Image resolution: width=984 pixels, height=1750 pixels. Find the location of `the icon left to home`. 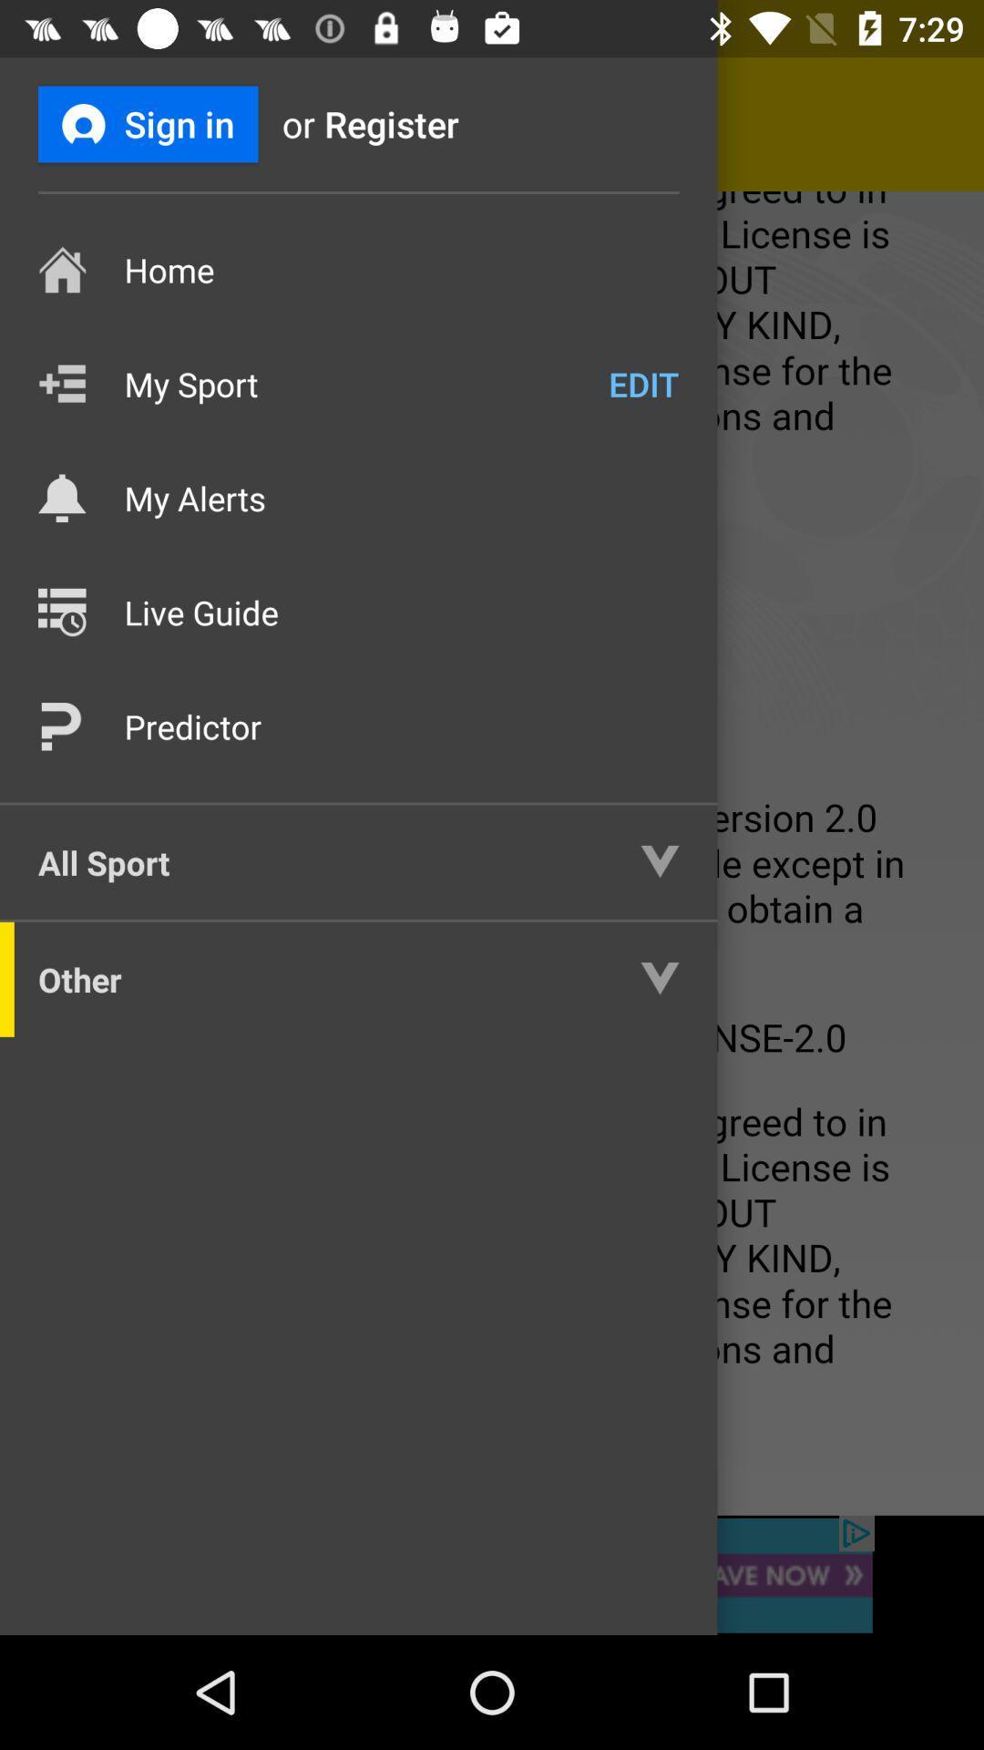

the icon left to home is located at coordinates (61, 269).